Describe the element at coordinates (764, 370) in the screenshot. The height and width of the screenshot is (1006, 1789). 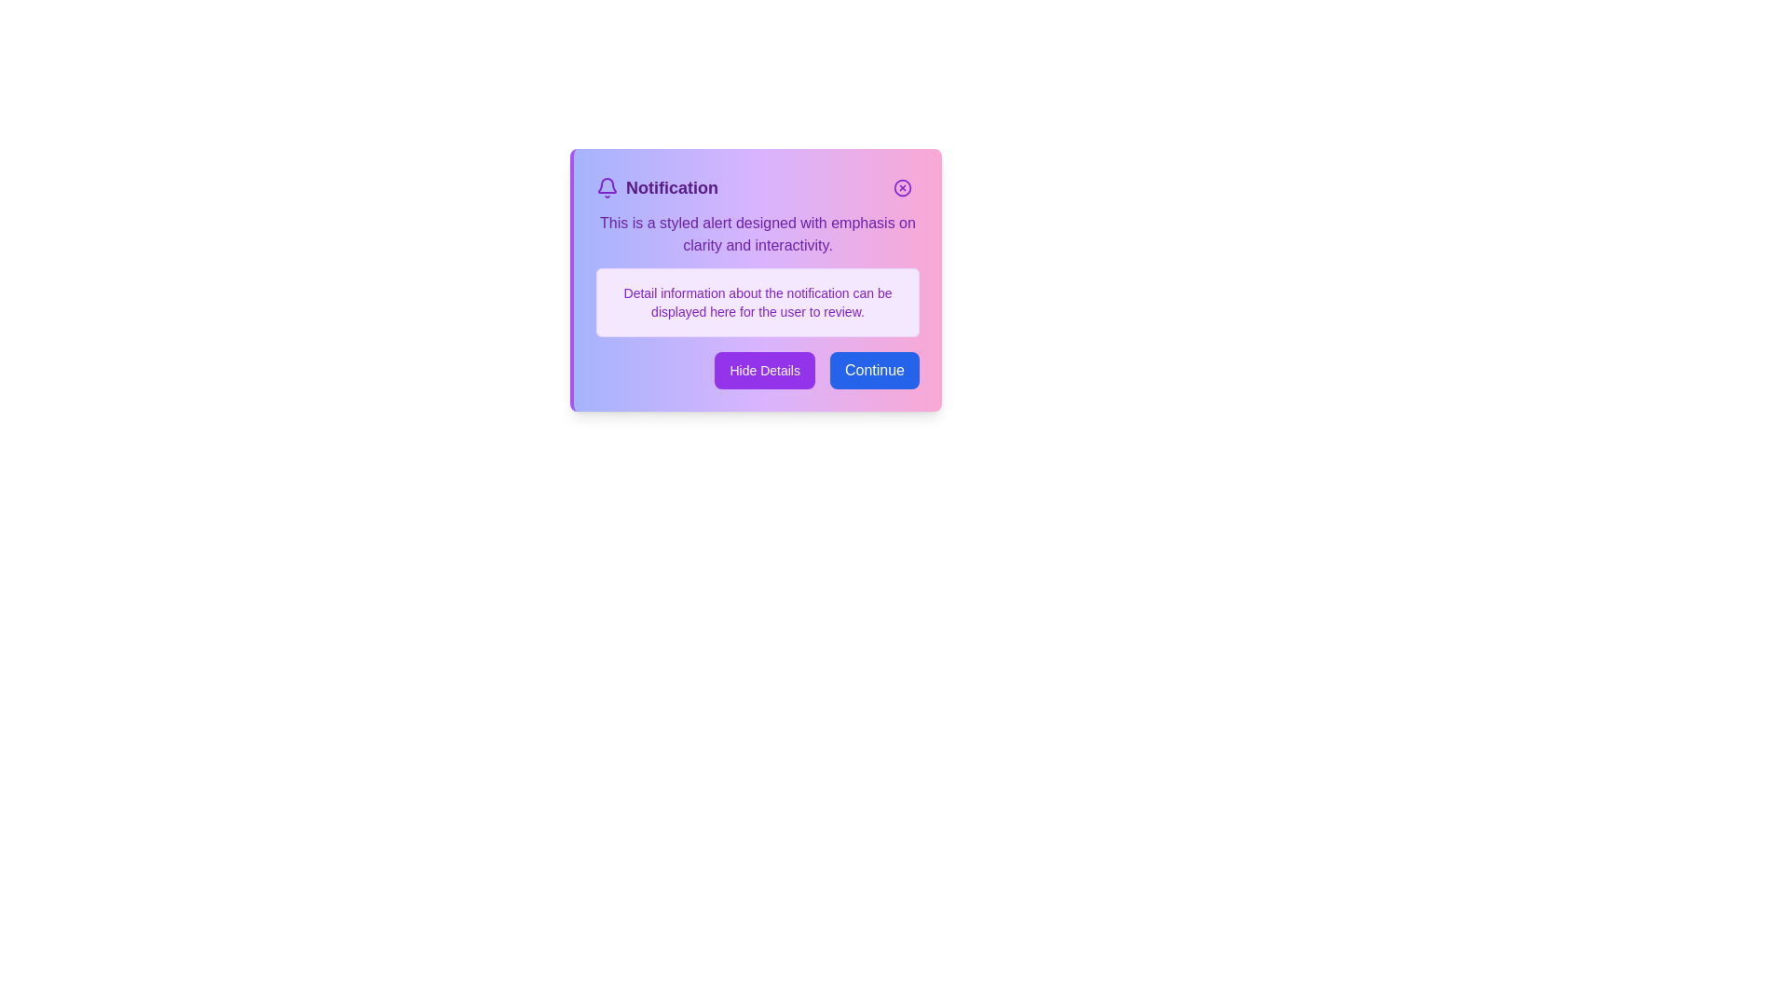
I see `the 'Hide Details' button to toggle the visibility of additional details` at that location.